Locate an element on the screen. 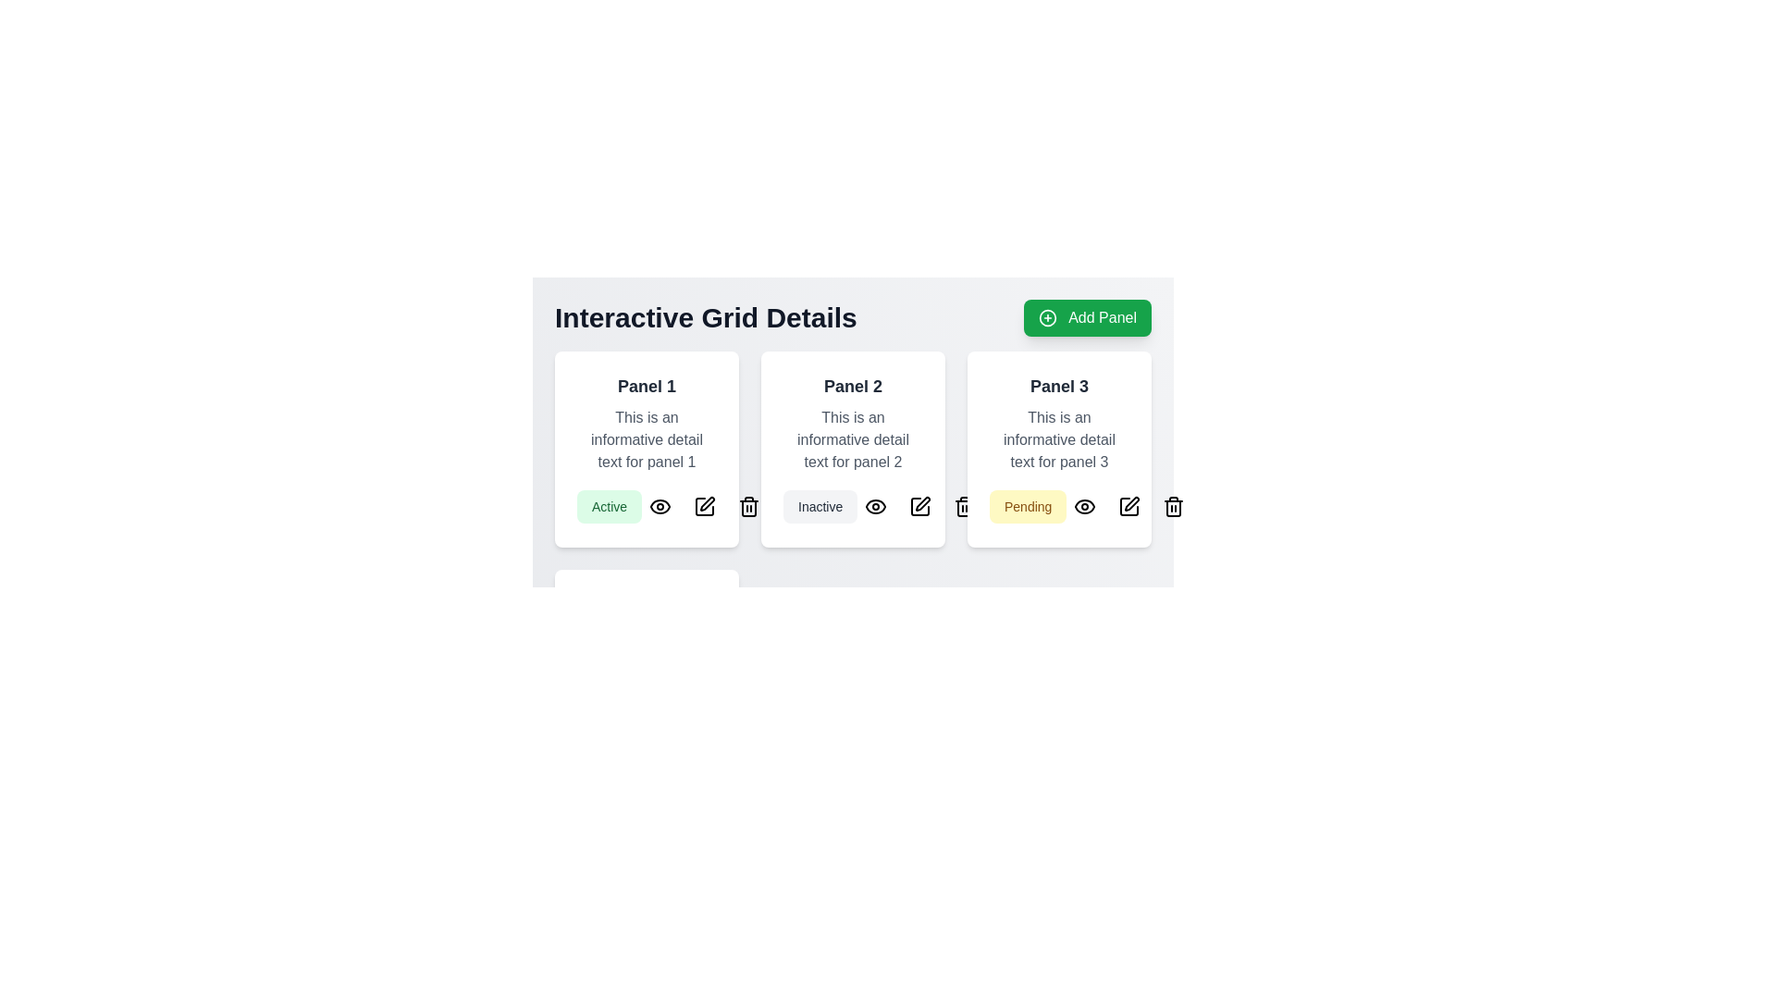 The width and height of the screenshot is (1776, 999). text label 'Panel 2' that is prominently displayed at the top of the middle card among three horizontally arranged panels is located at coordinates (852, 385).